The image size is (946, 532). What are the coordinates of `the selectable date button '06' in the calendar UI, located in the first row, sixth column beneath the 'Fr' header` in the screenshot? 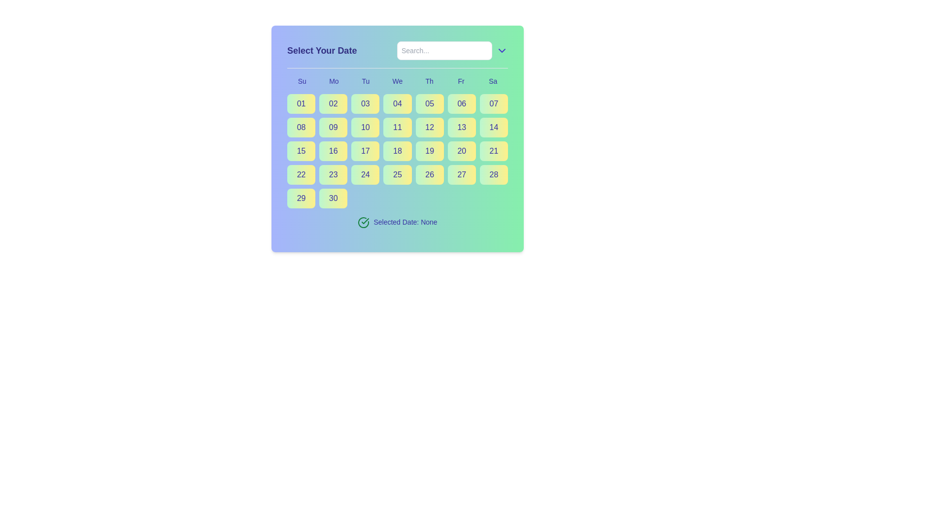 It's located at (461, 104).